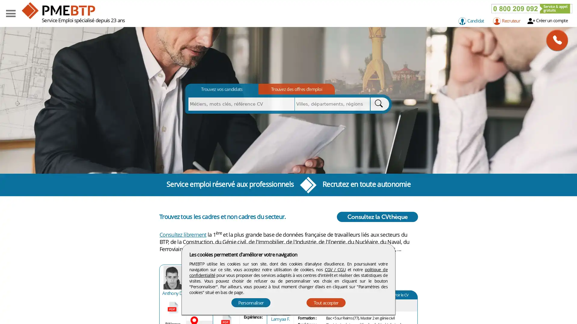 This screenshot has height=324, width=577. I want to click on Rechercher, so click(379, 104).